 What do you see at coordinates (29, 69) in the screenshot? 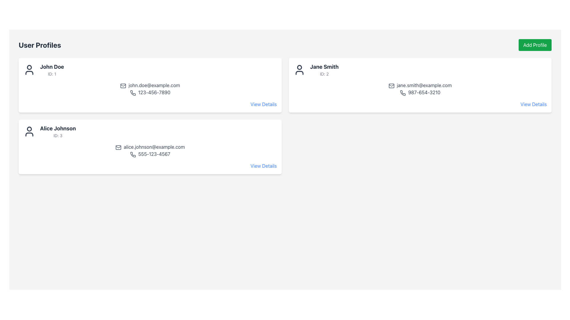
I see `the user icon, which is a gray circular head above a semi-circular body outline, located at the top-left corner of the profile card for 'John Doe'` at bounding box center [29, 69].